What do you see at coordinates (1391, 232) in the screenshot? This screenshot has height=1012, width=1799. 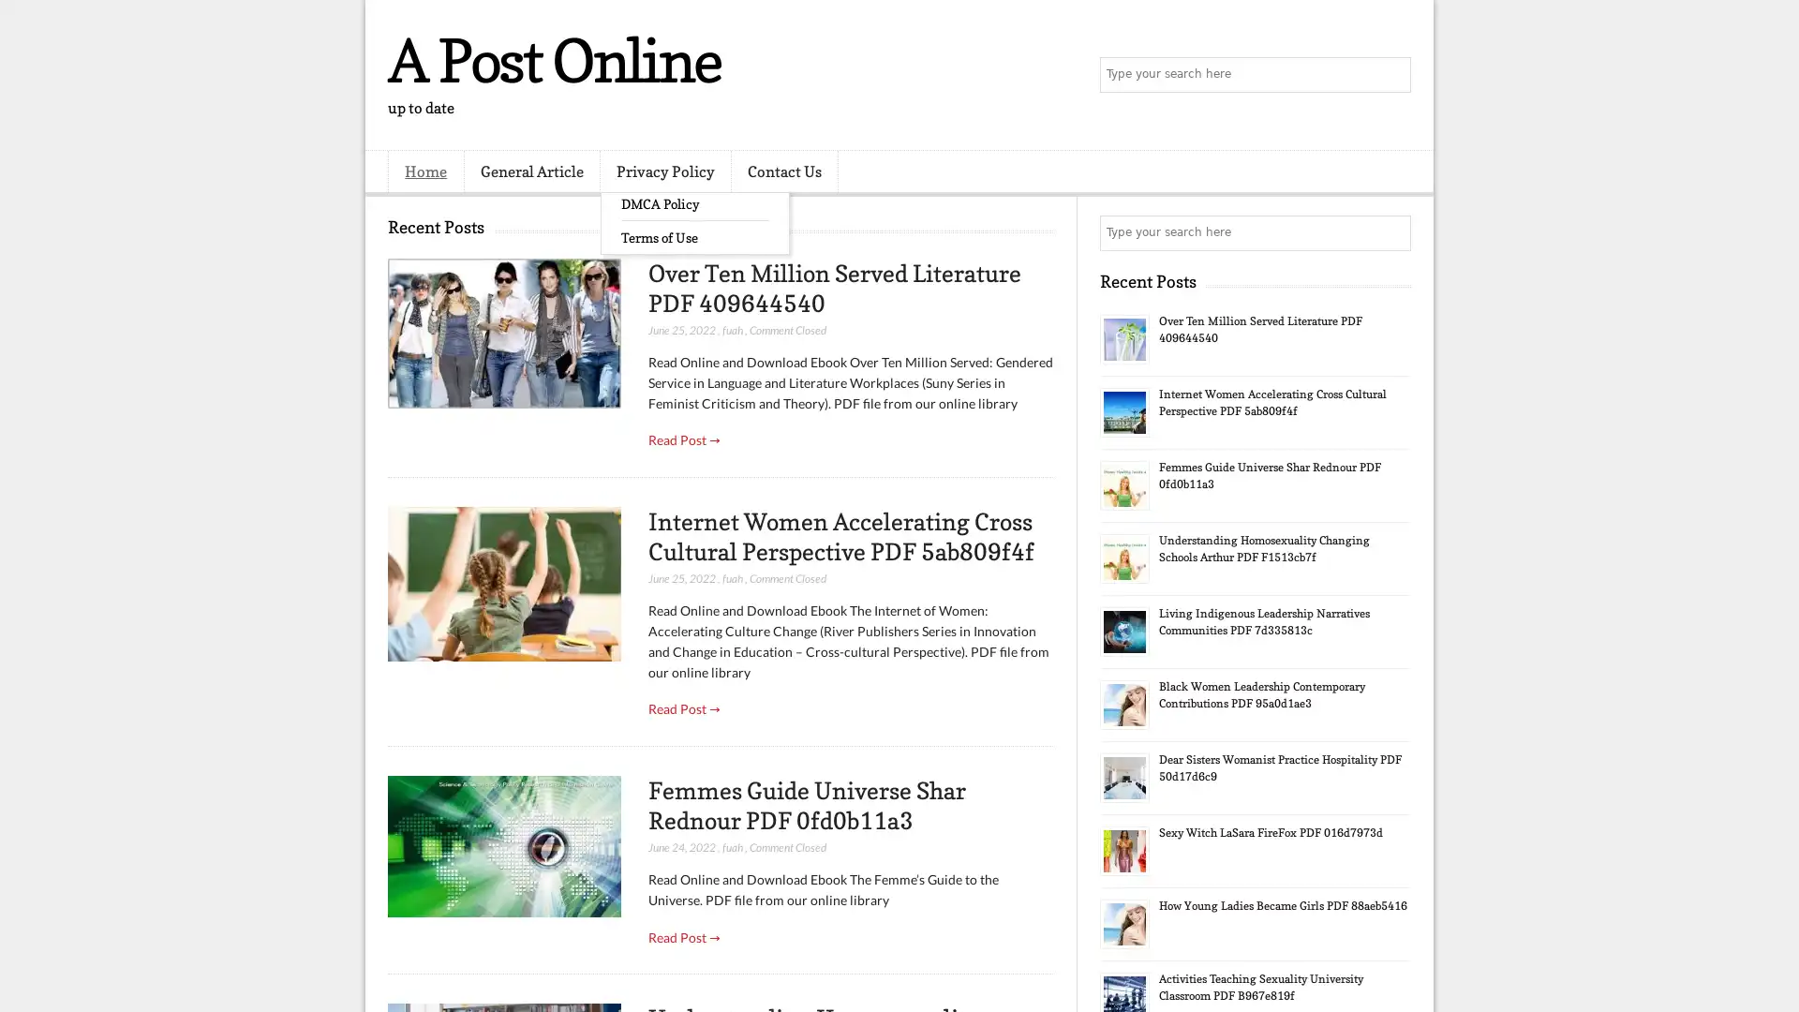 I see `Search` at bounding box center [1391, 232].